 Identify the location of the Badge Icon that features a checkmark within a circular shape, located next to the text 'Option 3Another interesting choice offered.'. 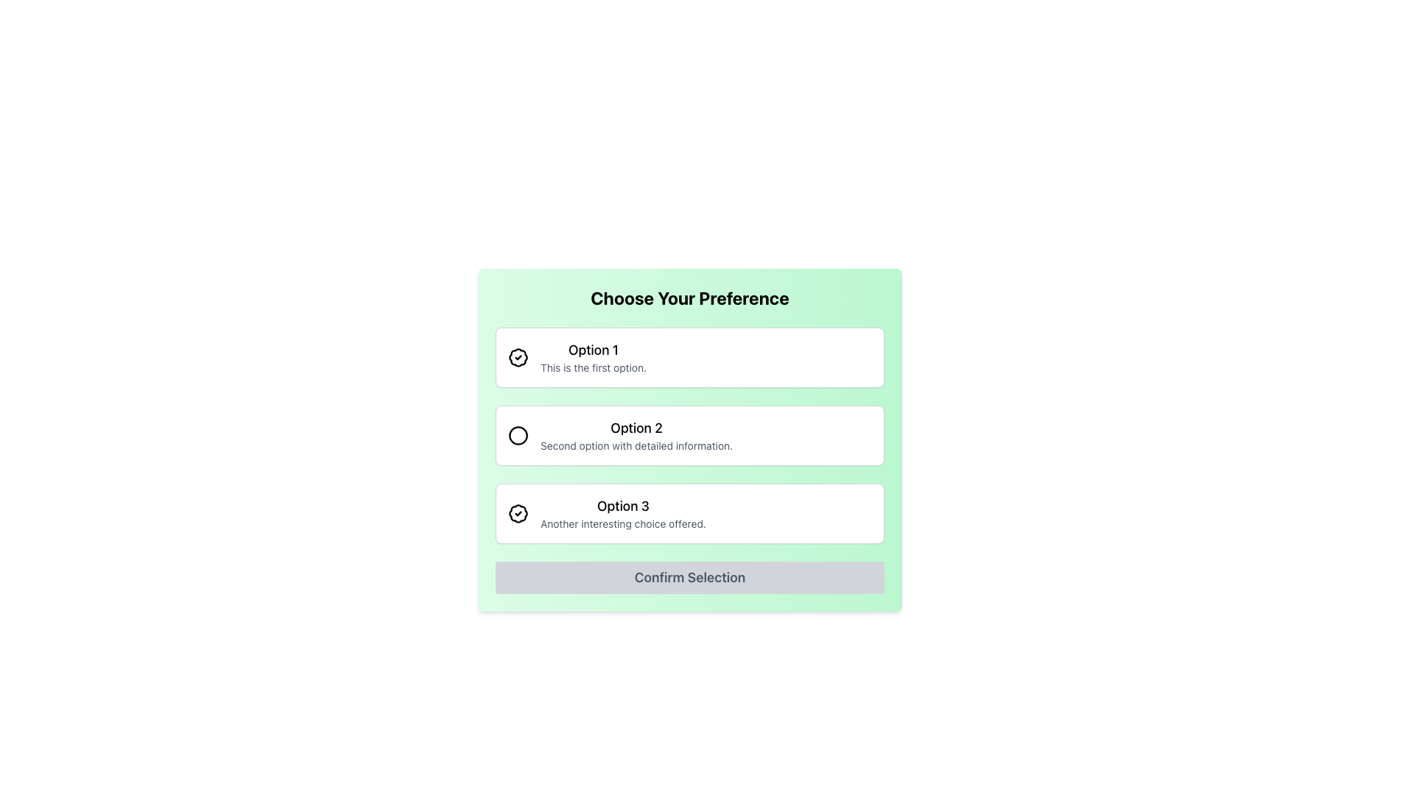
(518, 513).